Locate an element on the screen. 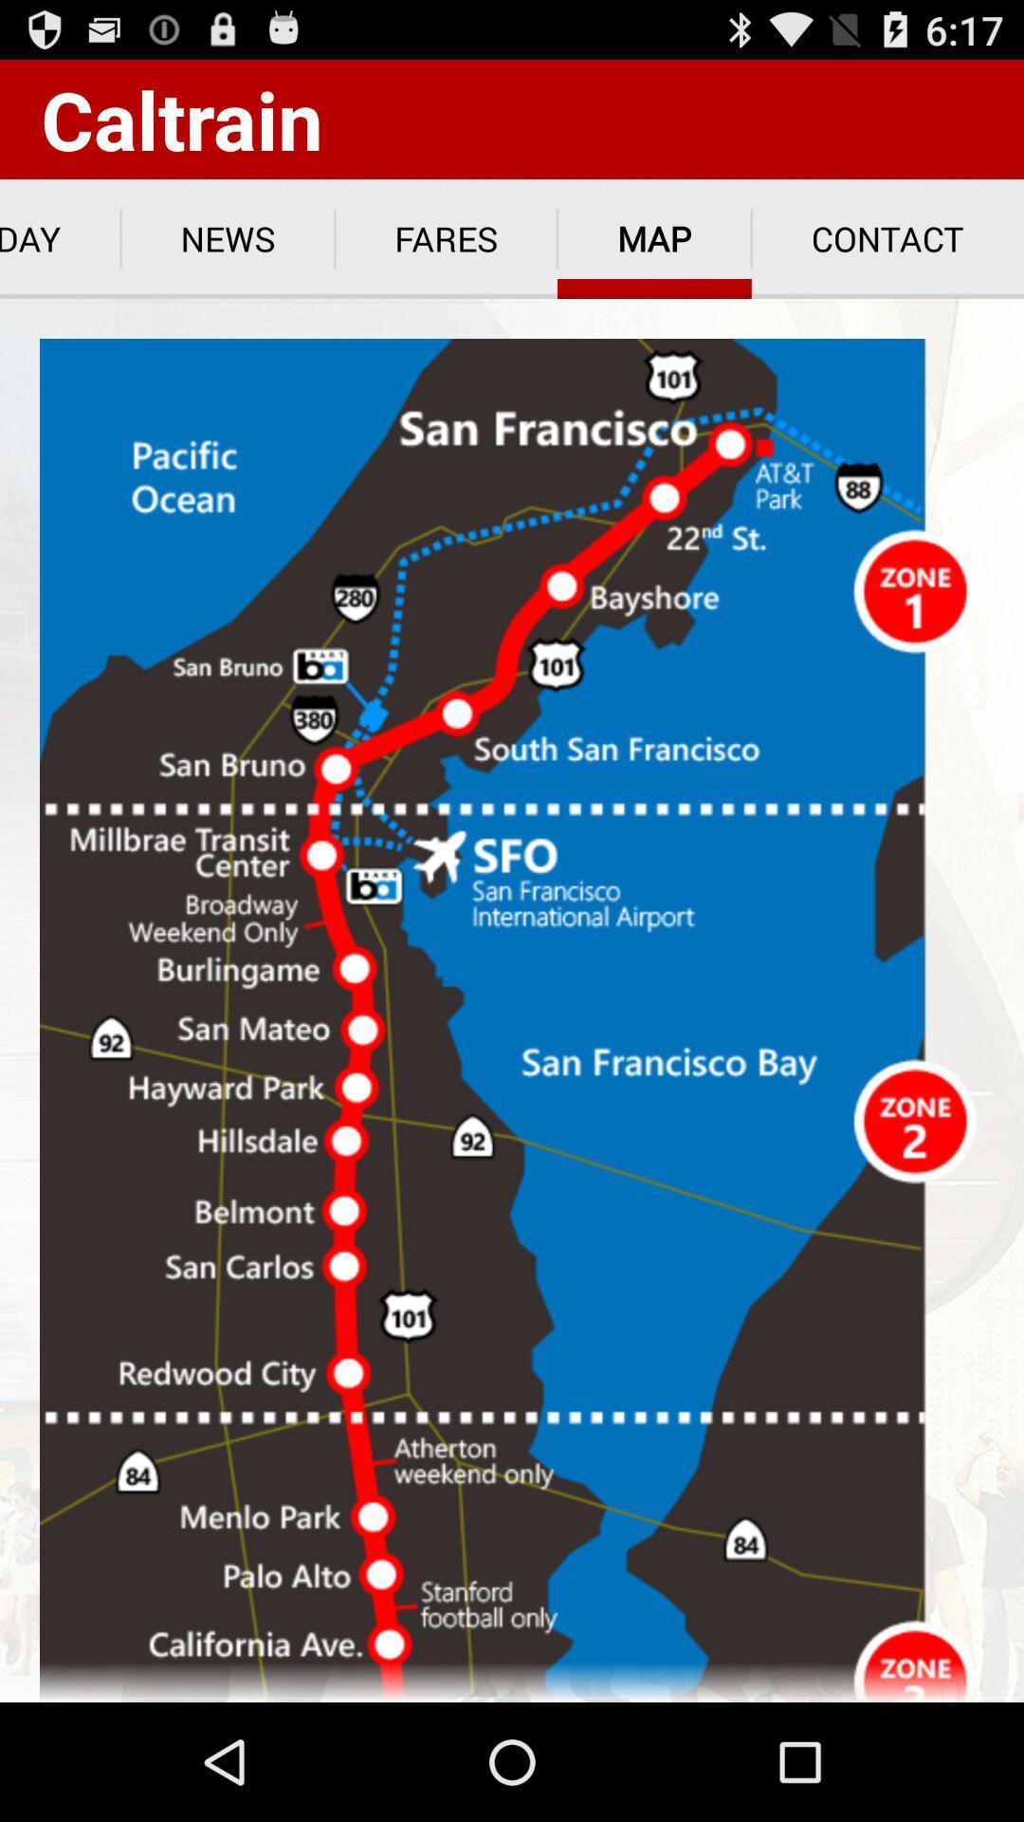 The height and width of the screenshot is (1822, 1024). app below caltrain icon is located at coordinates (227, 238).